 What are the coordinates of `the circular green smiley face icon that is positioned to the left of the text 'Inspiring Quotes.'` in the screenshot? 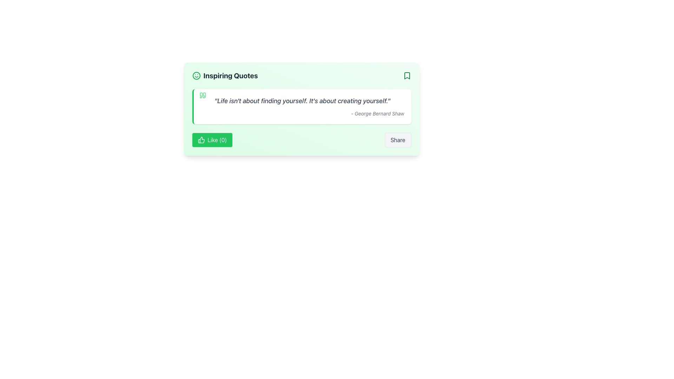 It's located at (196, 76).